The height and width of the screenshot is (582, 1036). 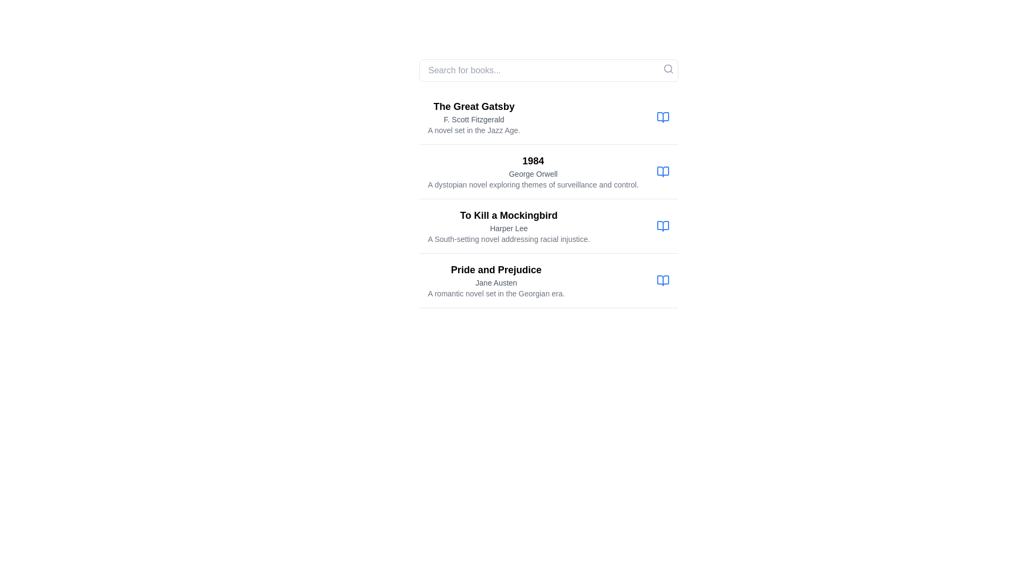 I want to click on the action icon located at the far right of the row displaying information about the book '1984' by George Orwell, so click(x=662, y=171).